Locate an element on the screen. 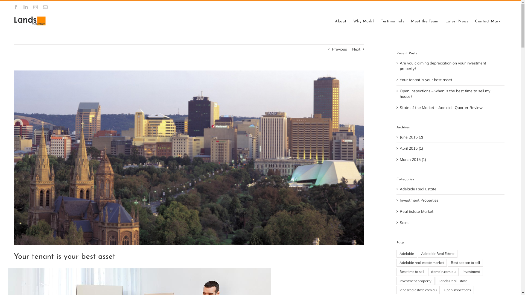 The image size is (525, 295). 'Previous' is located at coordinates (332, 49).